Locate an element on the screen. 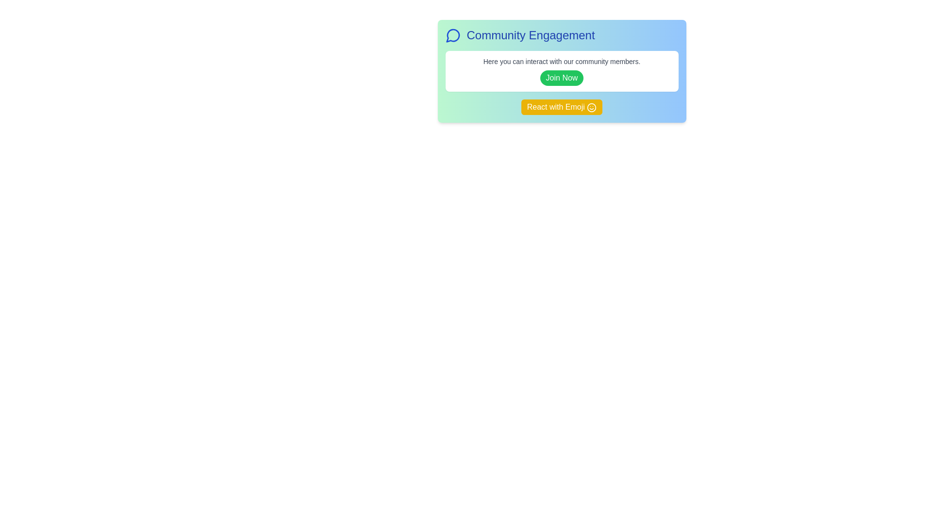 Image resolution: width=932 pixels, height=524 pixels. the green 'Join Now' button with white text, which is centered within a white box and positioned above the yellow 'React with Emoji' button is located at coordinates (562, 70).